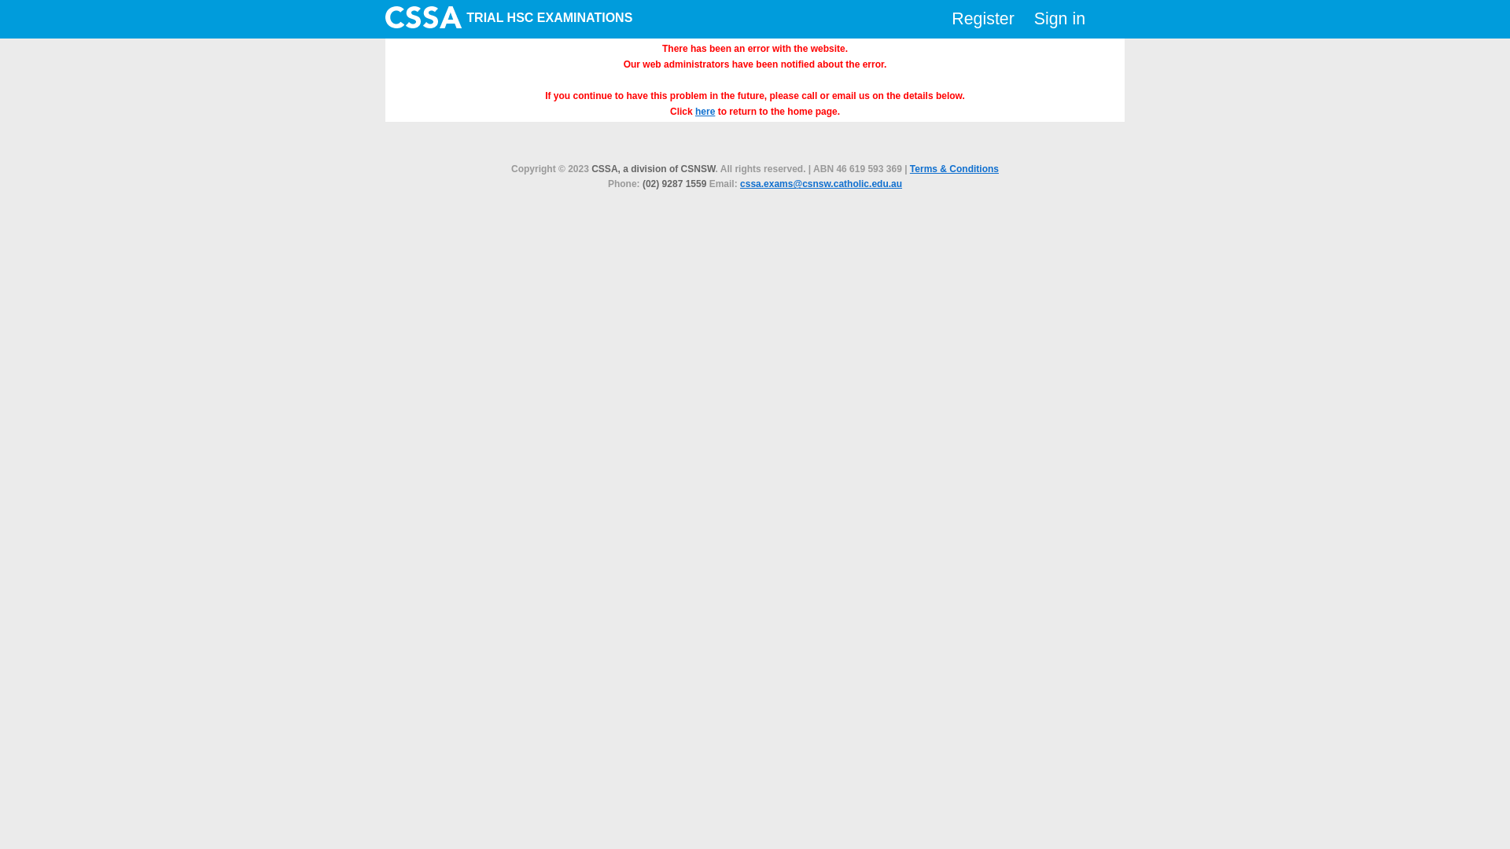 The image size is (1510, 849). What do you see at coordinates (819, 183) in the screenshot?
I see `'cssa.exams@csnsw.catholic.edu.au'` at bounding box center [819, 183].